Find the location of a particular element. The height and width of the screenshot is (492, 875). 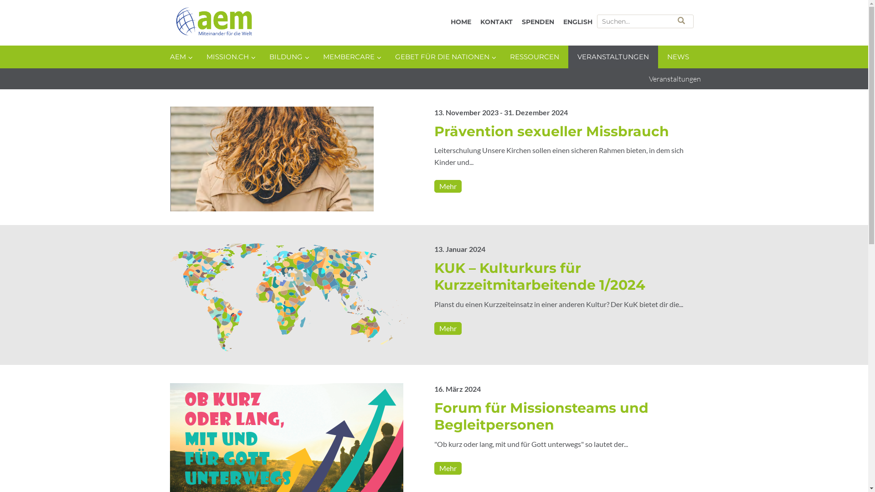

'Mehr' is located at coordinates (448, 468).